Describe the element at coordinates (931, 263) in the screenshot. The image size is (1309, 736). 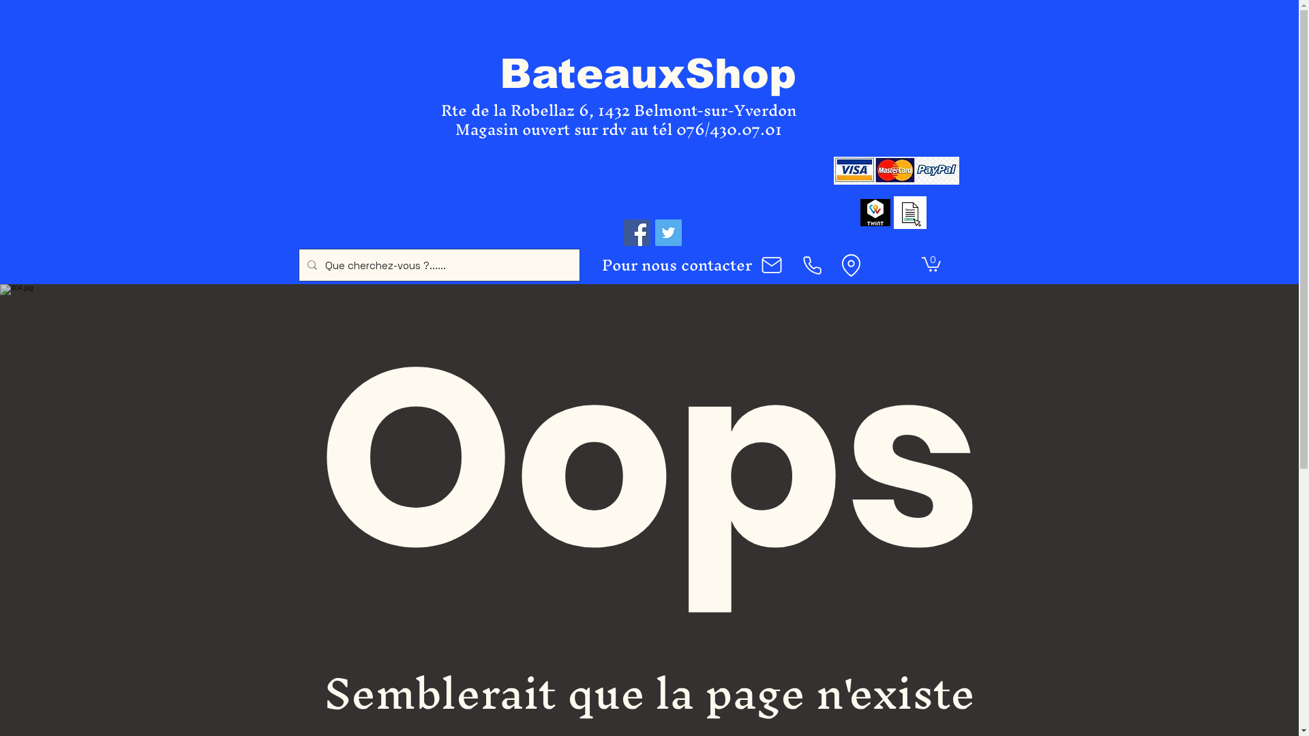
I see `'0'` at that location.